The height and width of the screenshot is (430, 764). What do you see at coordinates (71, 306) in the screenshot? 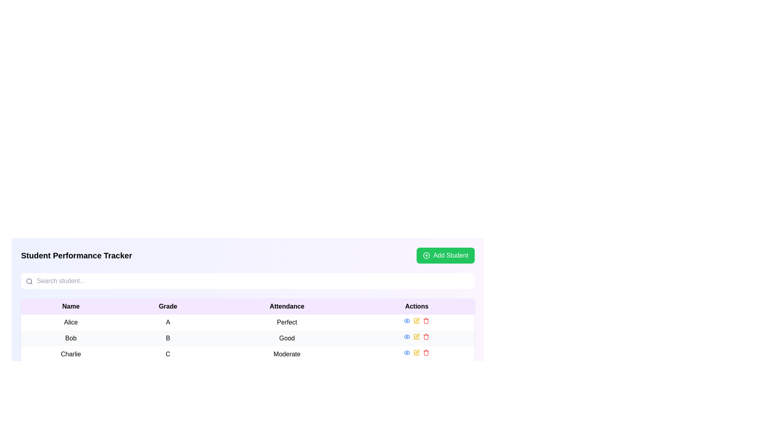
I see `the first column header in the table that signifies names of individuals, located to the far left of the header row, adjacent to the 'Grade' column` at bounding box center [71, 306].